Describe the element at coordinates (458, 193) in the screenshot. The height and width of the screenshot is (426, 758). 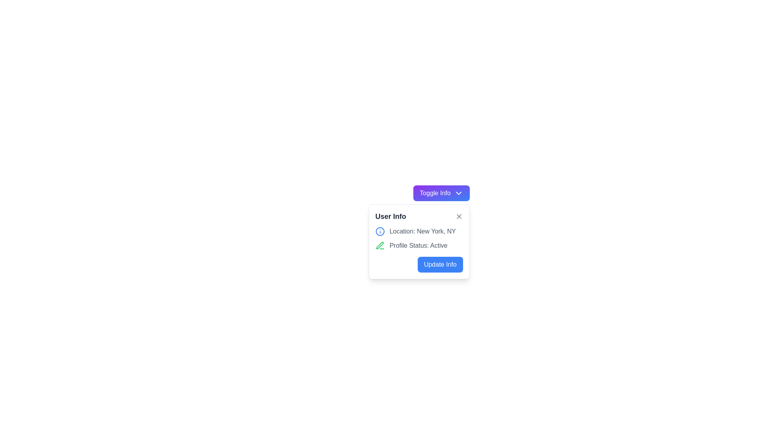
I see `the downward-facing chevron icon within the 'Toggle Info' button, positioned near its right edge` at that location.